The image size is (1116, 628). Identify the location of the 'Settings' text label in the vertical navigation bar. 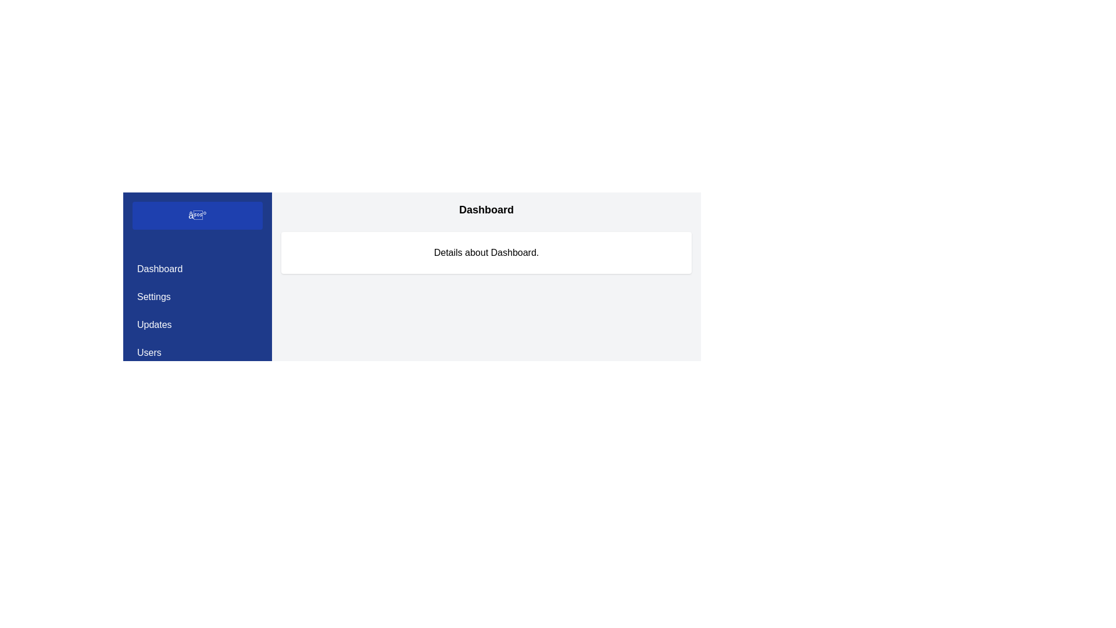
(153, 296).